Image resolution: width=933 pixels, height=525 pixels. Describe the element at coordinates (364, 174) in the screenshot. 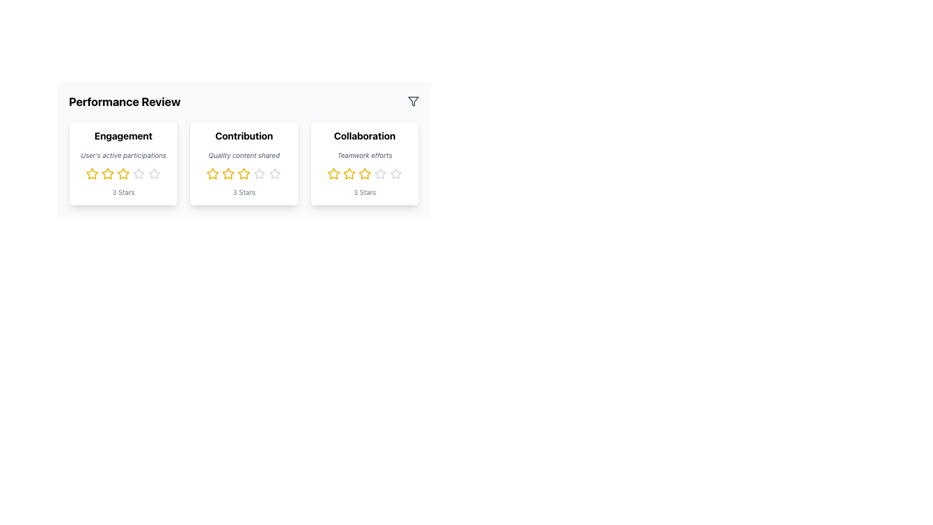

I see `the third filled yellow star icon in the horizontal row of five stars in the 'Collaboration' rating section to modify the rating` at that location.